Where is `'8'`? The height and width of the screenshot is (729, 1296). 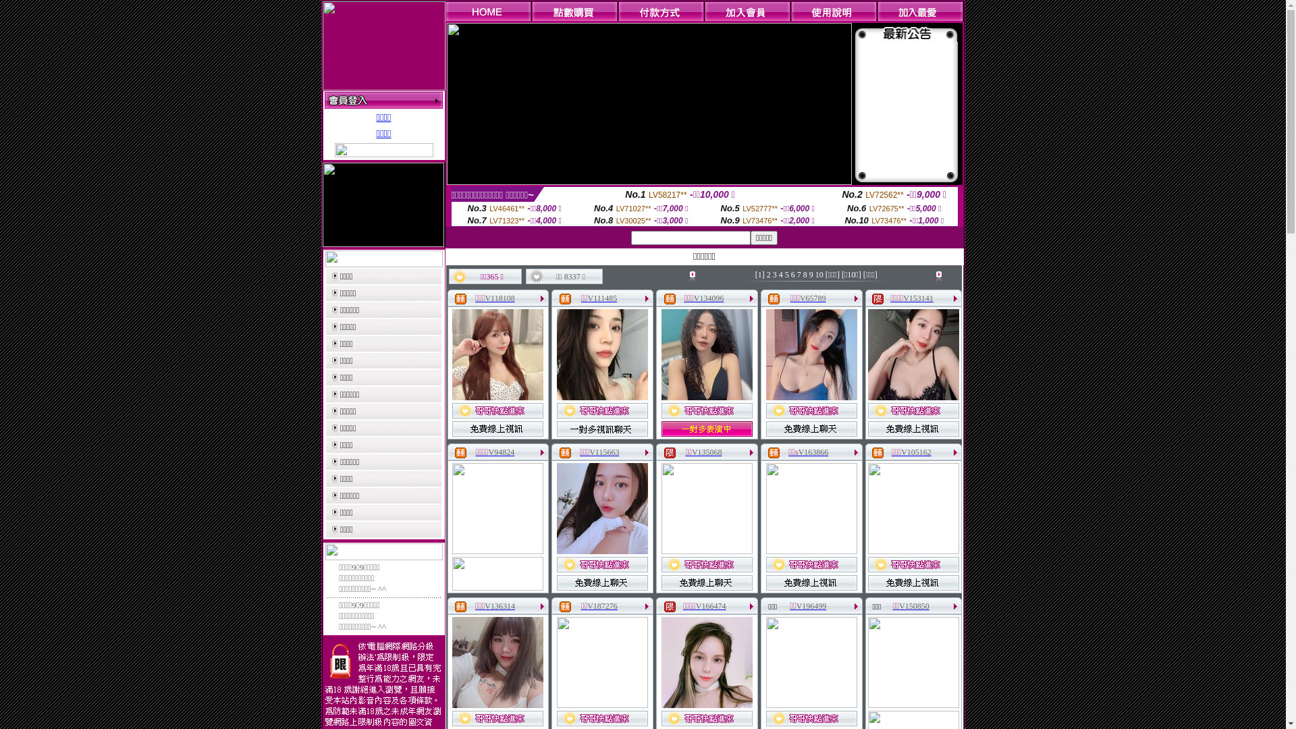 '8' is located at coordinates (803, 274).